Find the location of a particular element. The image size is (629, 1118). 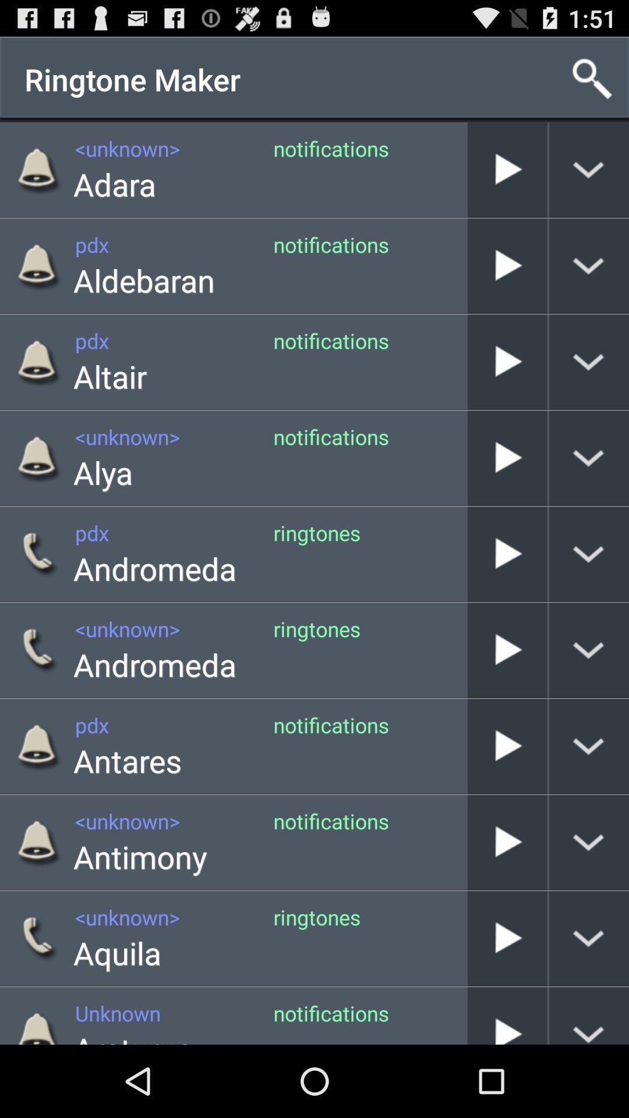

play is located at coordinates (507, 1015).